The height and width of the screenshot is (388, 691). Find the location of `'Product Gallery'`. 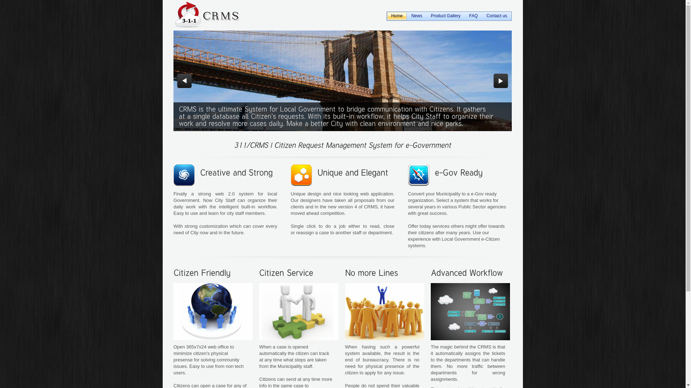

'Product Gallery' is located at coordinates (445, 16).